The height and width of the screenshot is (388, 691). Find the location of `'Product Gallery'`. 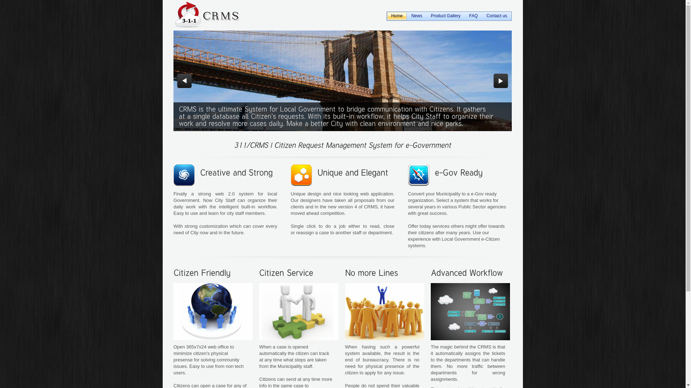

'Product Gallery' is located at coordinates (445, 16).